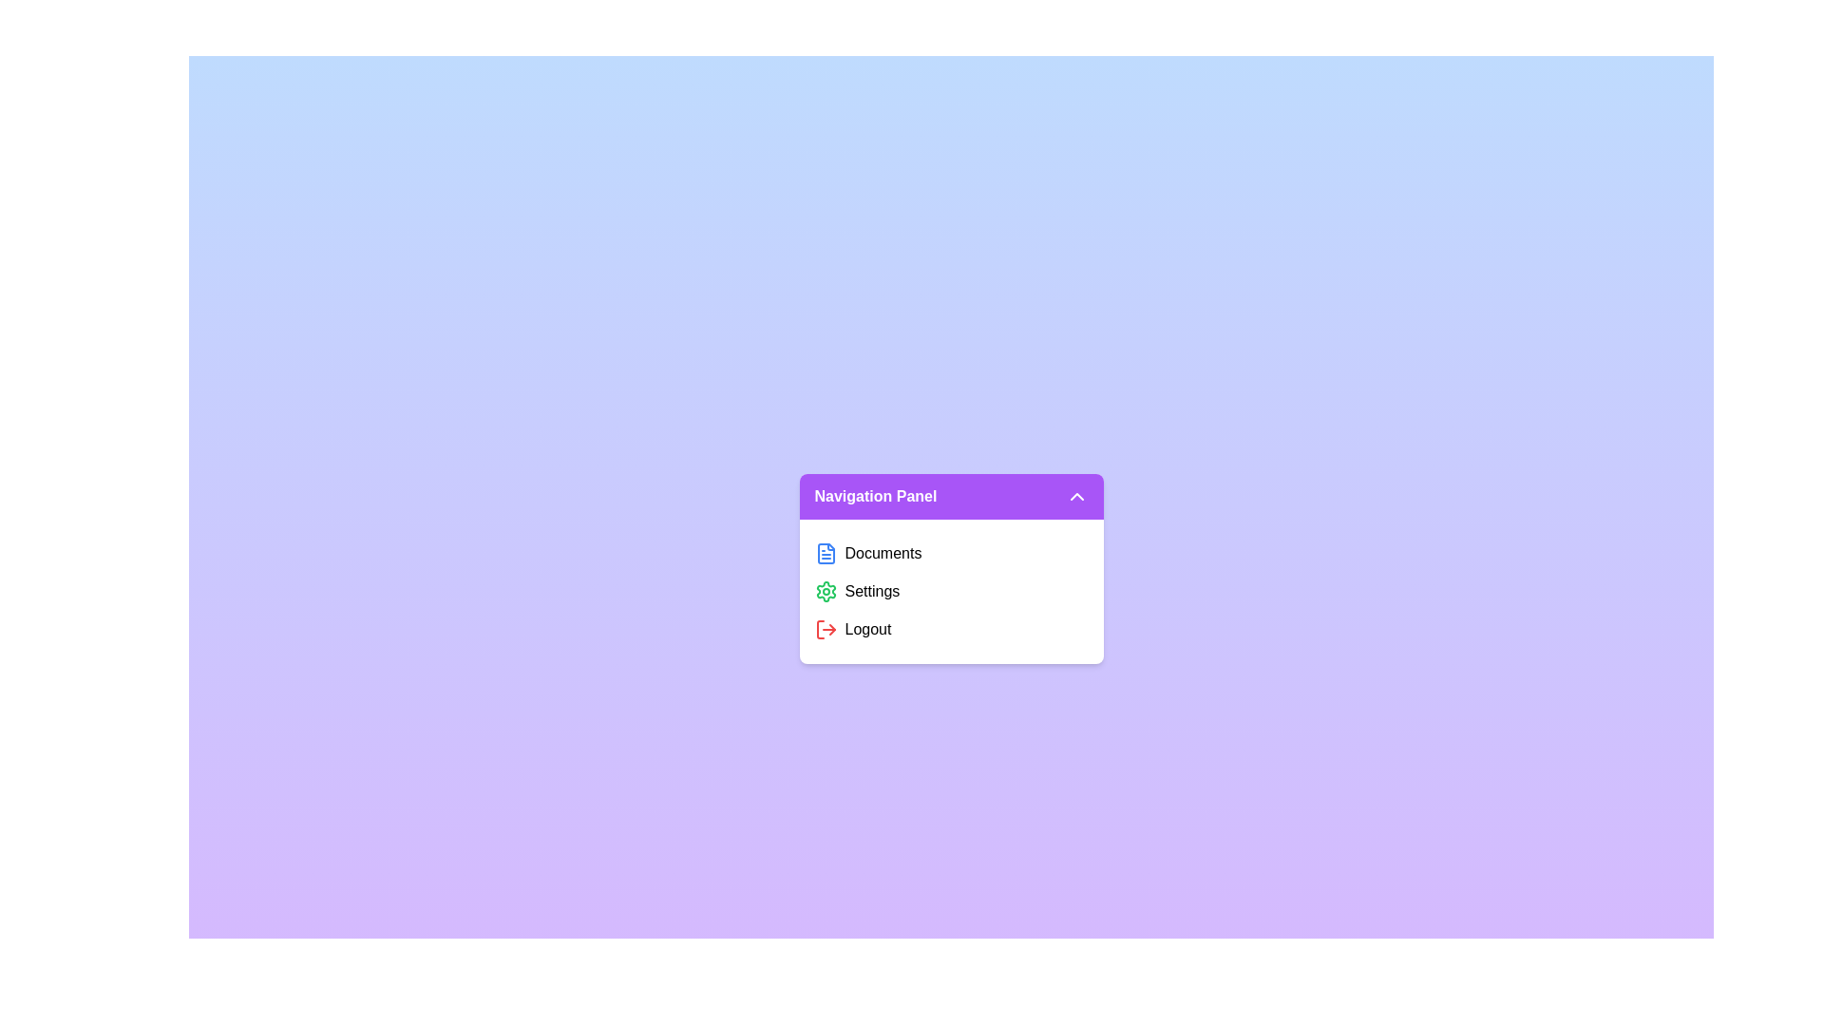 This screenshot has height=1026, width=1824. What do you see at coordinates (951, 496) in the screenshot?
I see `the panel header to toggle its state` at bounding box center [951, 496].